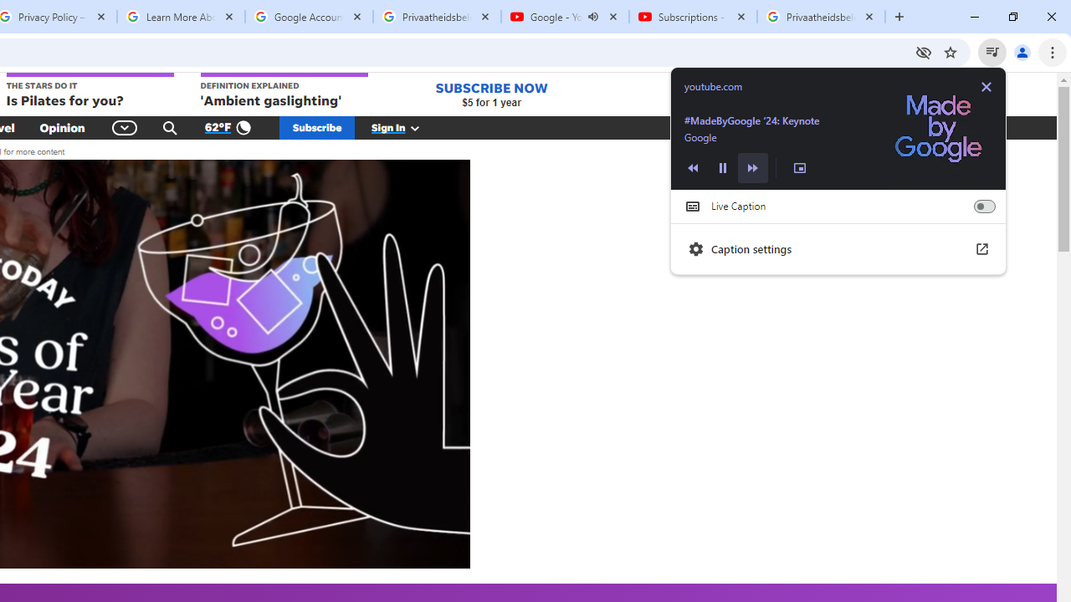 The width and height of the screenshot is (1071, 602). Describe the element at coordinates (723, 167) in the screenshot. I see `'Play'` at that location.